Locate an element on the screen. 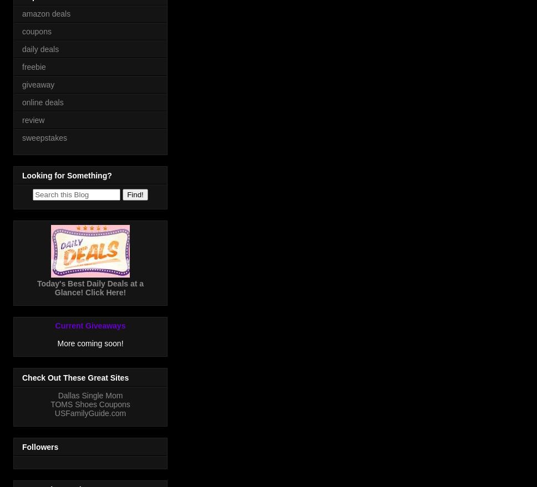 The height and width of the screenshot is (487, 537). 'daily deals' is located at coordinates (39, 48).